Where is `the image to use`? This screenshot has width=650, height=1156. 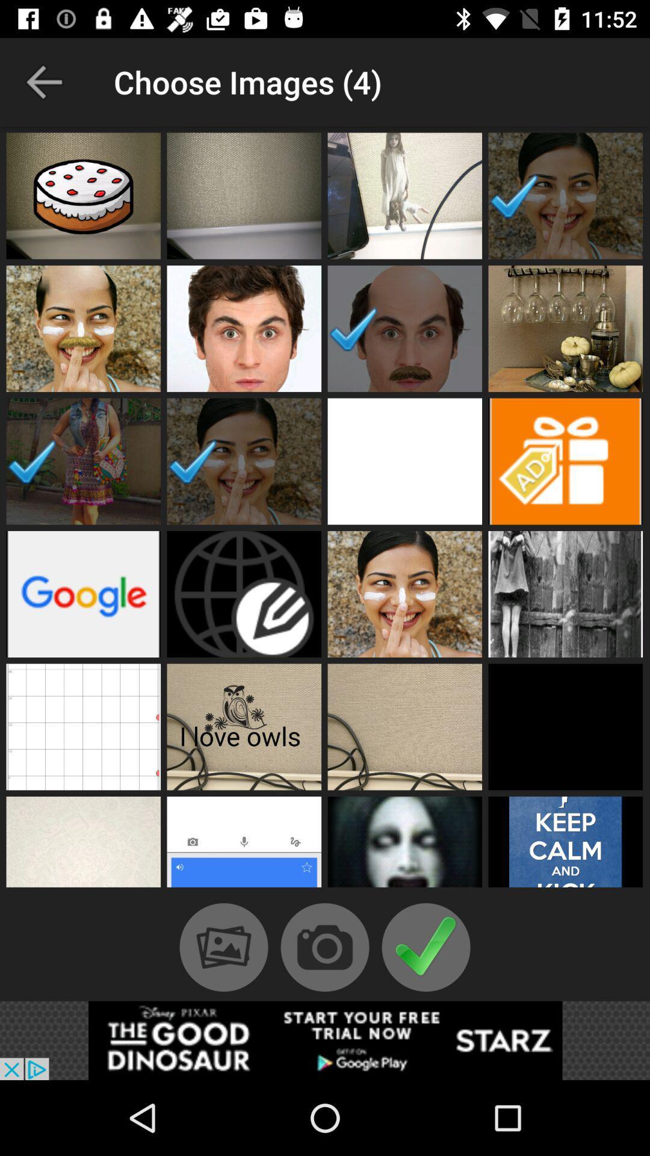 the image to use is located at coordinates (244, 844).